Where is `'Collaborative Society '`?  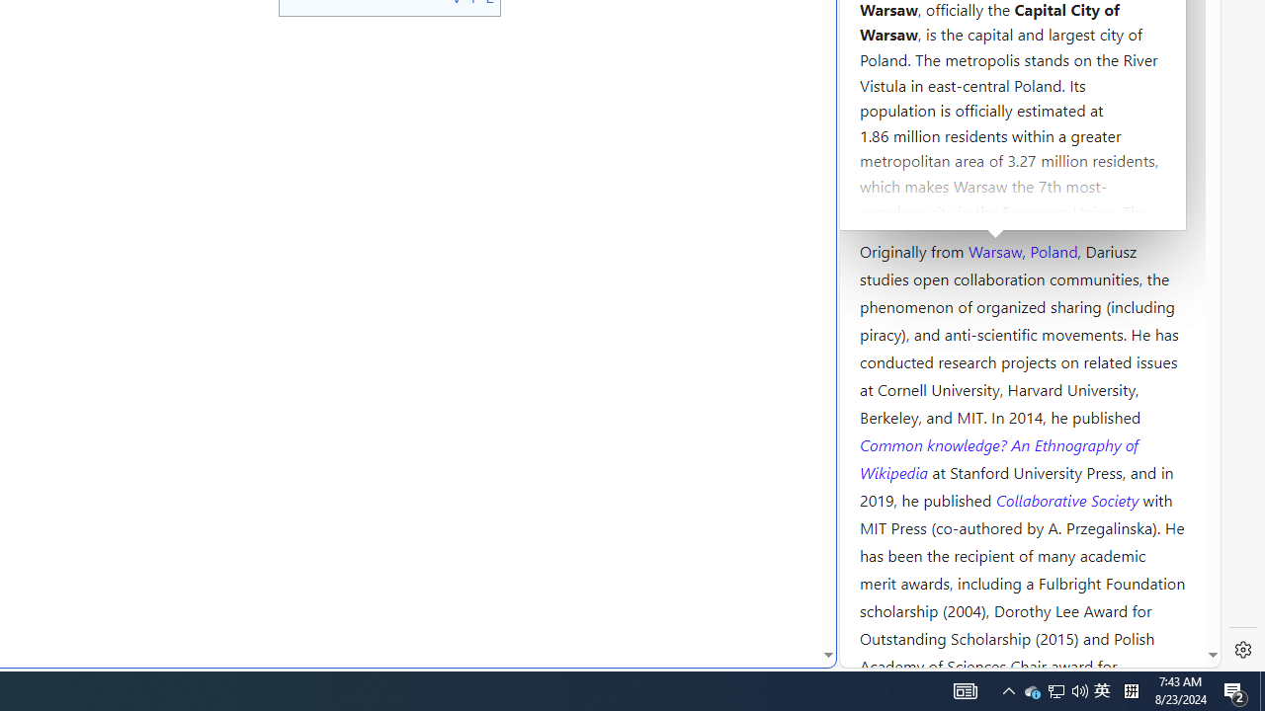
'Collaborative Society ' is located at coordinates (1068, 498).